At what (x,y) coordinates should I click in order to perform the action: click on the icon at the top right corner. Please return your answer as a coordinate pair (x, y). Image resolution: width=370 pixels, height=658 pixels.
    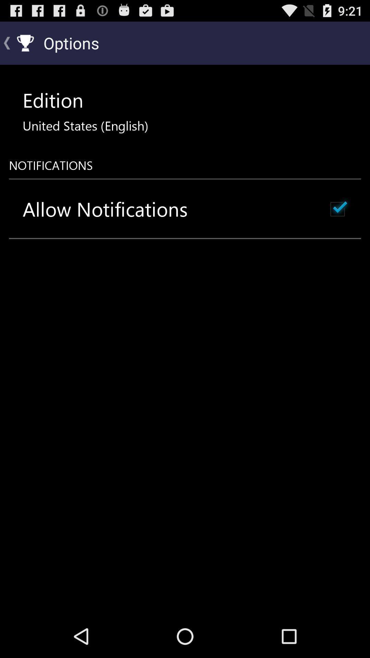
    Looking at the image, I should click on (337, 209).